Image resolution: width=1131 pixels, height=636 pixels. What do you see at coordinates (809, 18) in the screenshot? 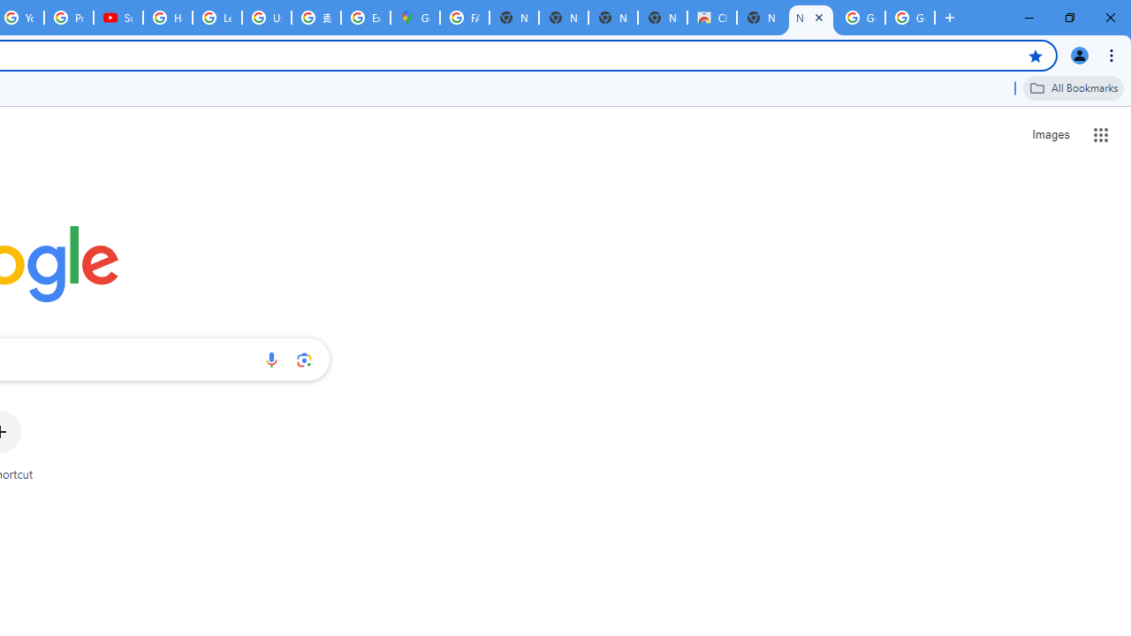
I see `'New Tab'` at bounding box center [809, 18].